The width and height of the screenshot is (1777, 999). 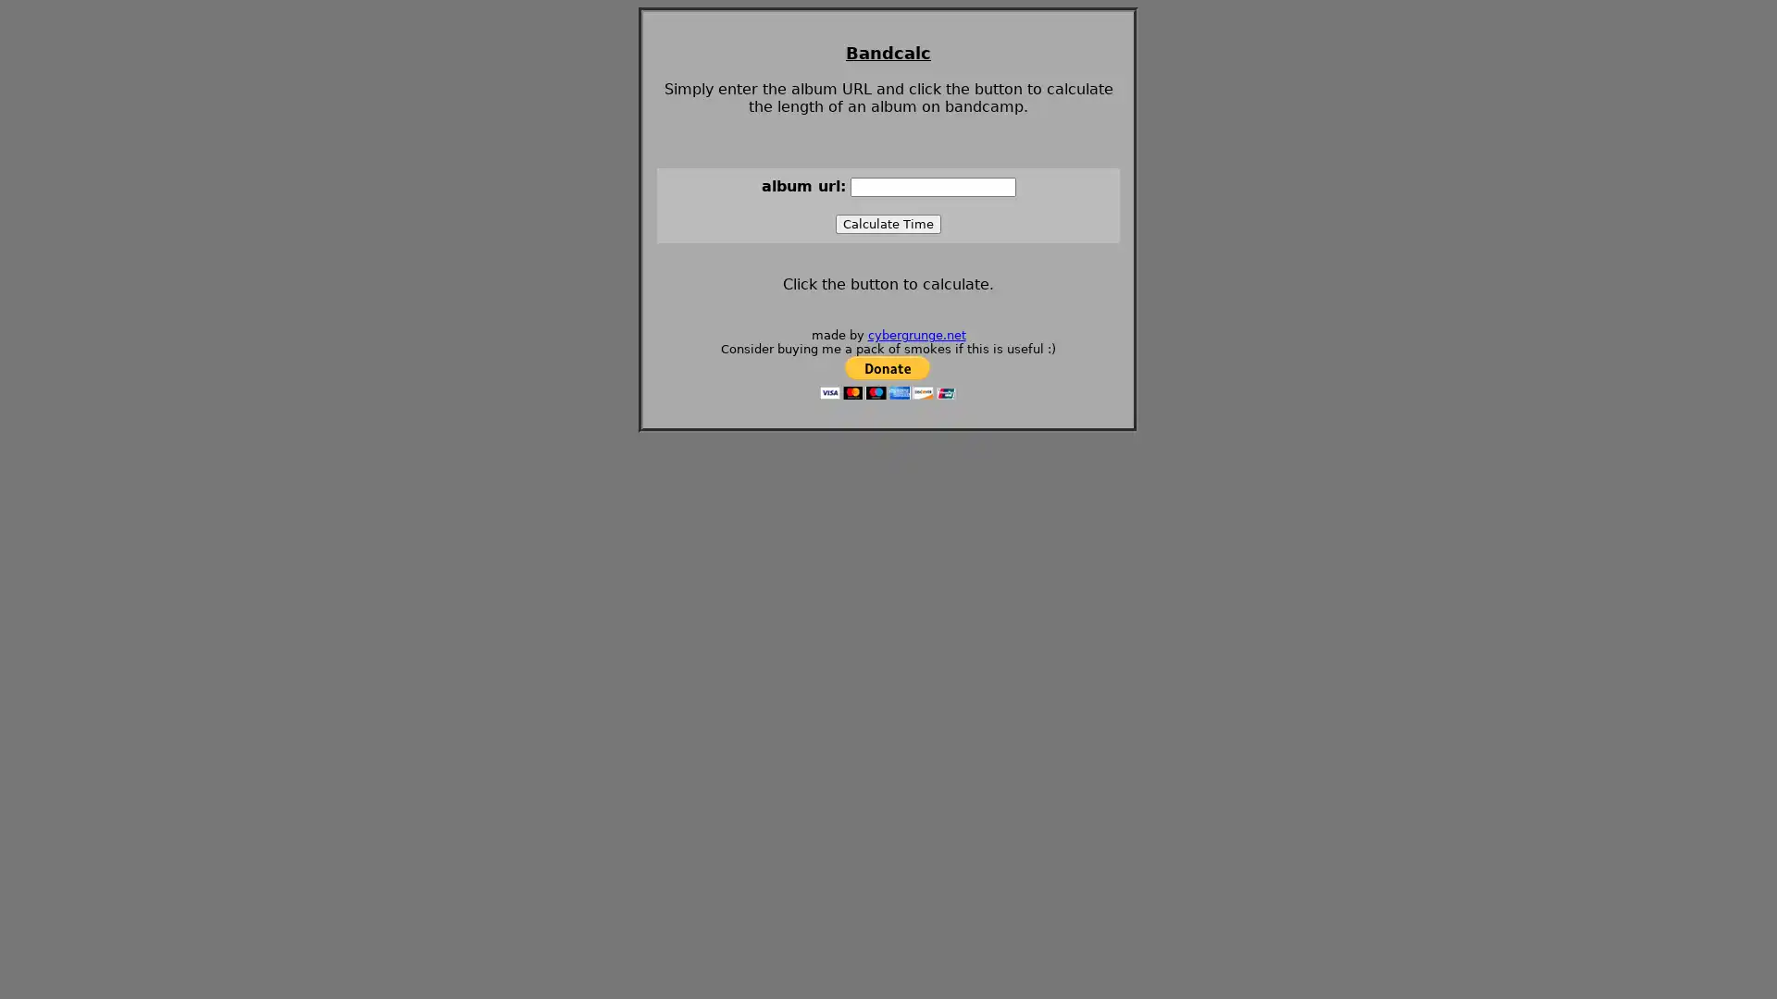 I want to click on Donate with PayPal button, so click(x=887, y=376).